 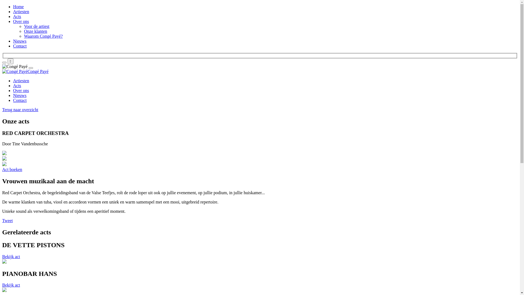 I want to click on 'Onze klanten', so click(x=35, y=31).